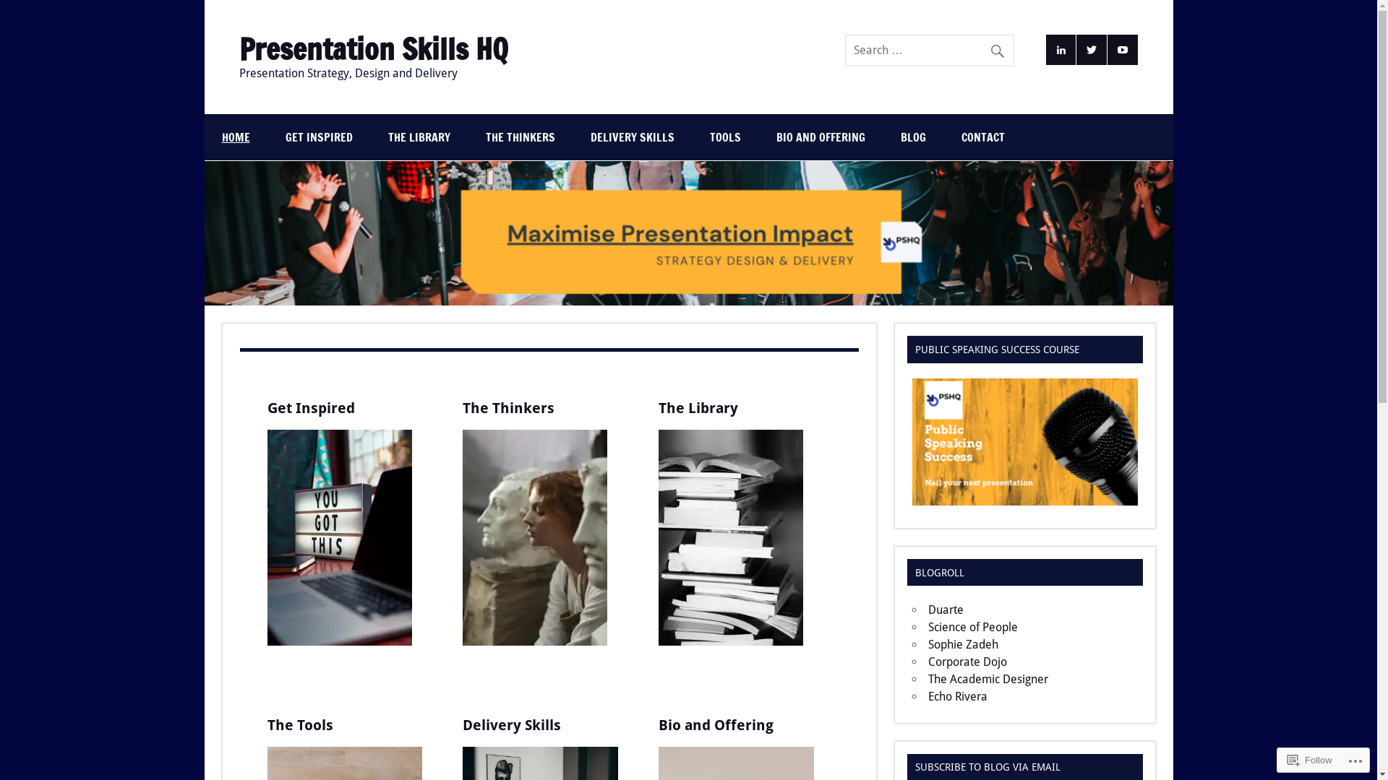 Image resolution: width=1388 pixels, height=780 pixels. I want to click on 'Duarte', so click(946, 610).